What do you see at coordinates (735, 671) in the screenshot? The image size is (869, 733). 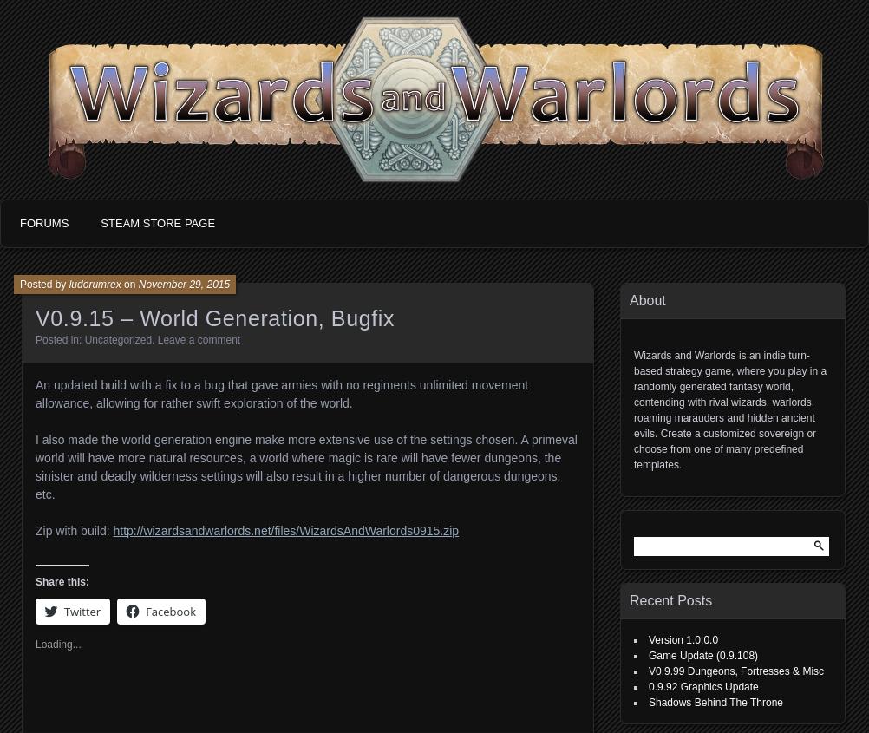 I see `'V0.9.99 Dungeons, Fortresses & Misc'` at bounding box center [735, 671].